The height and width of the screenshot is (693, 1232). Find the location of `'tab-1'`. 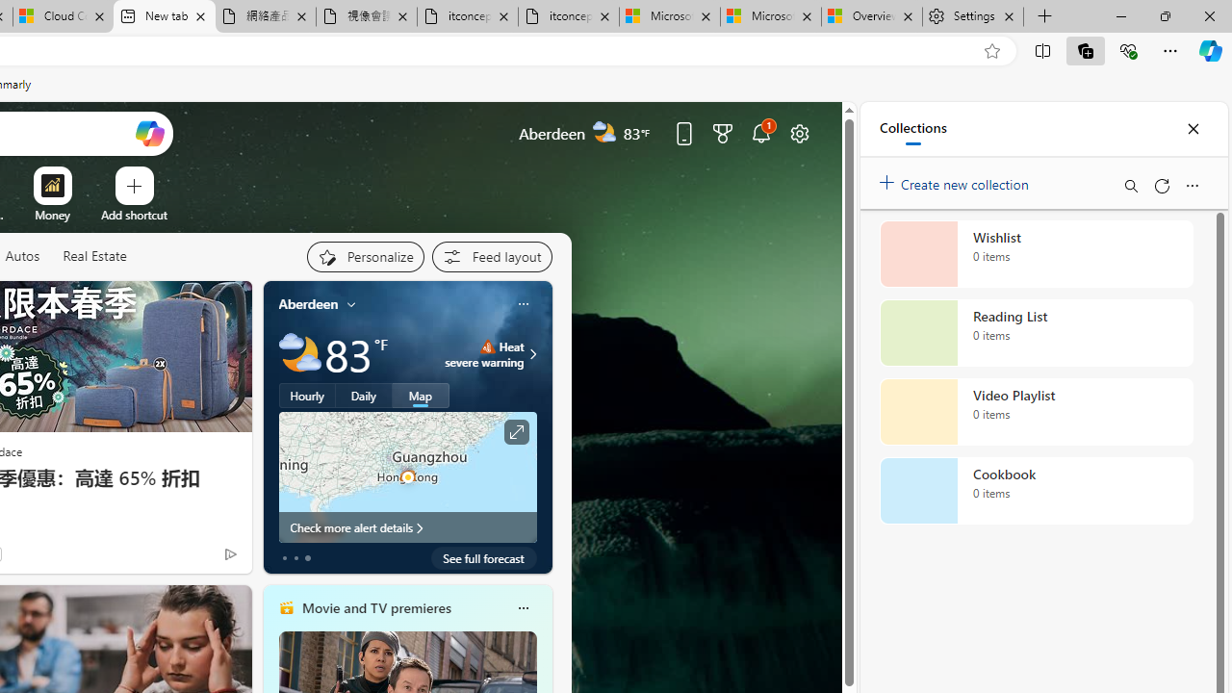

'tab-1' is located at coordinates (295, 557).